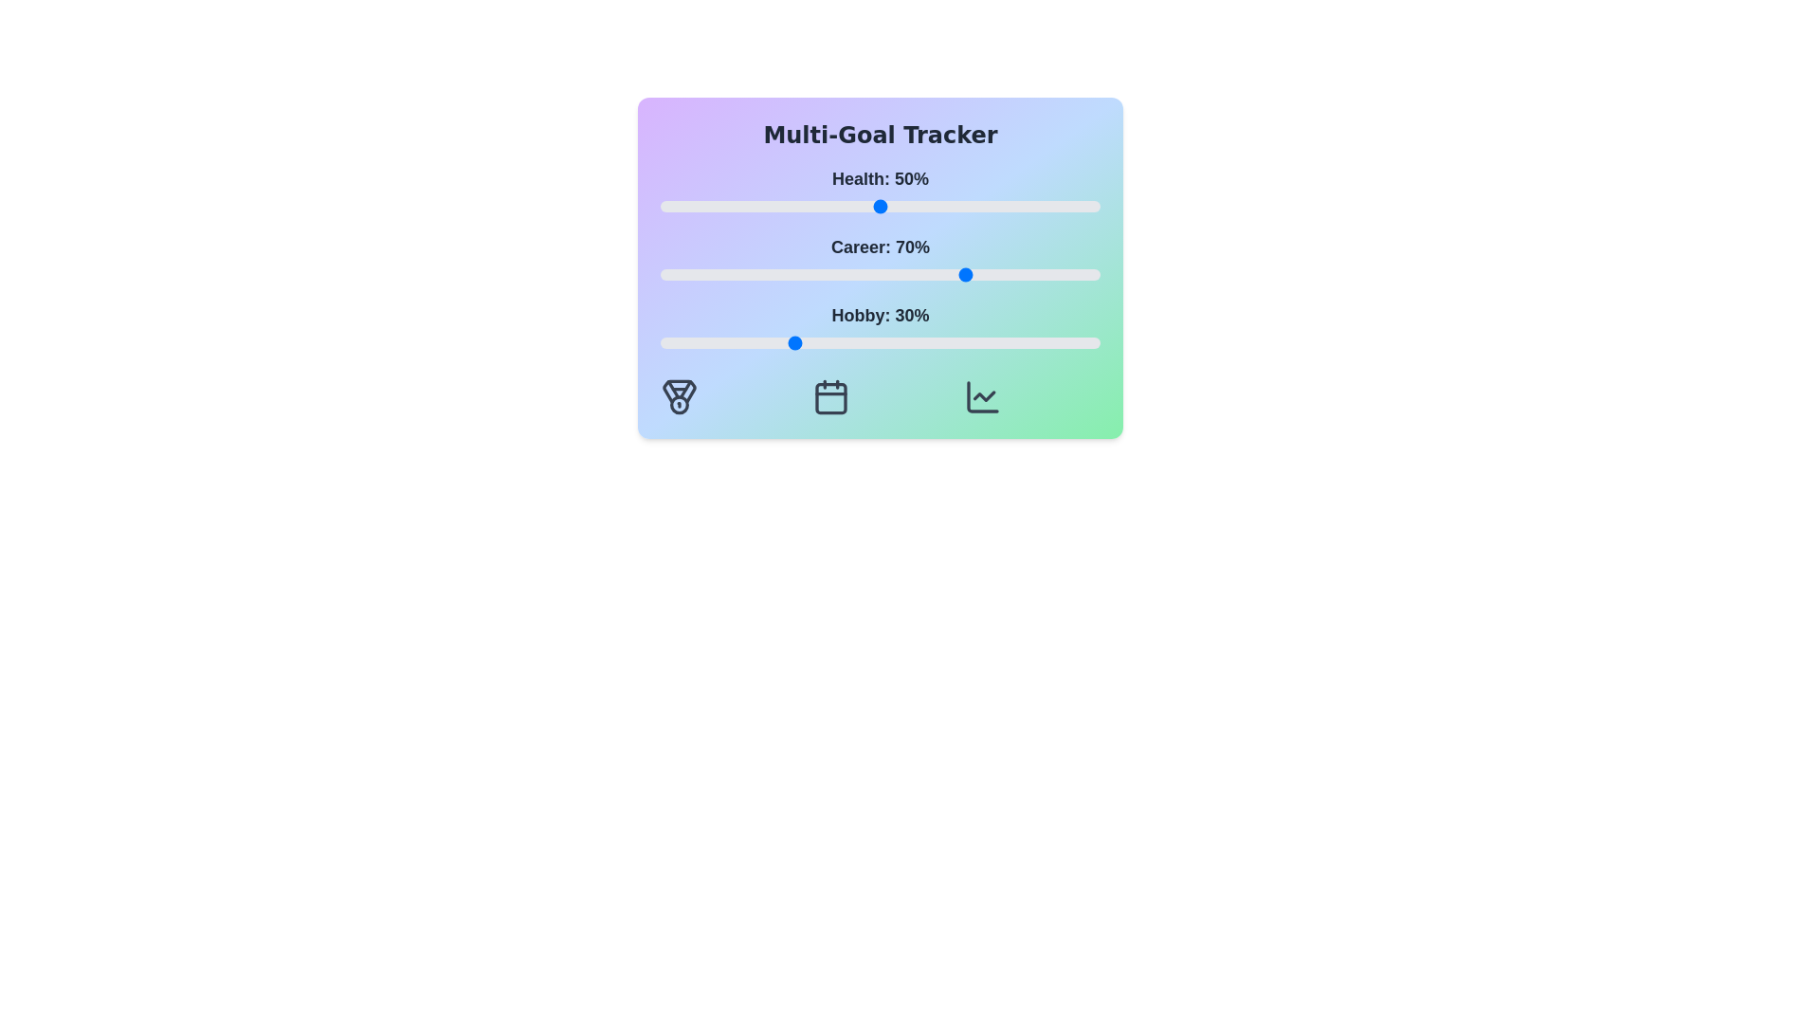 This screenshot has height=1024, width=1820. Describe the element at coordinates (870, 274) in the screenshot. I see `the 'Career' slider to 48%` at that location.